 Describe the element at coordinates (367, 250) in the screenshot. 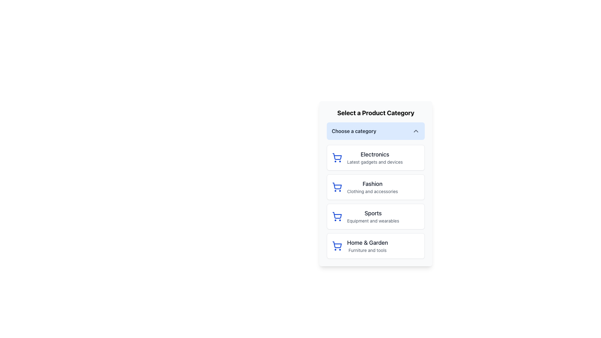

I see `the text label displaying 'Furniture and tools', which is located beneath the 'Home & Garden' title and styled in a smaller font` at that location.